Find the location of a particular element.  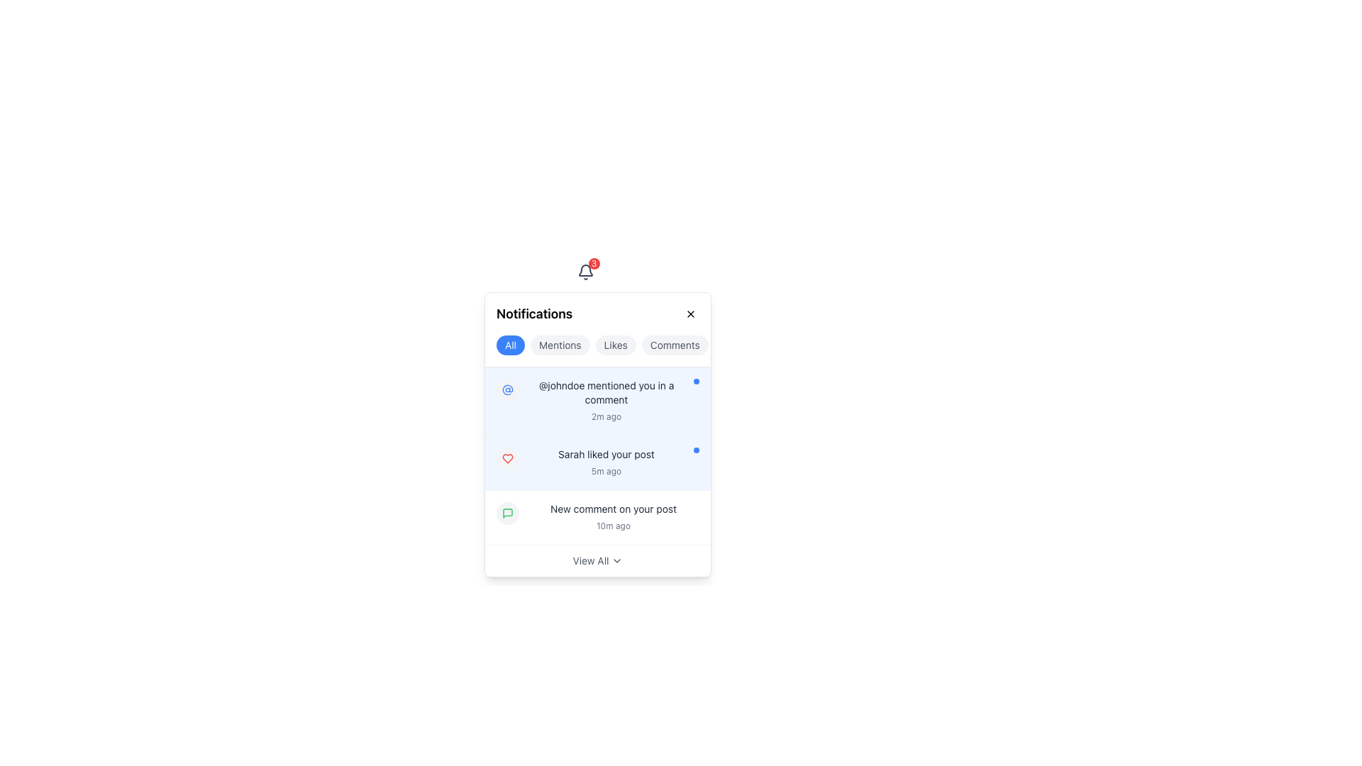

the 'All' button in the notifications panel, which is the first button in a group of four buttons ('All', 'Mentions', 'Likes', 'Comments') located below the title 'Notifications' is located at coordinates (511, 345).